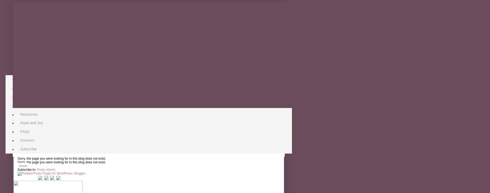 The image size is (490, 193). I want to click on 'Pages', so click(13, 70).